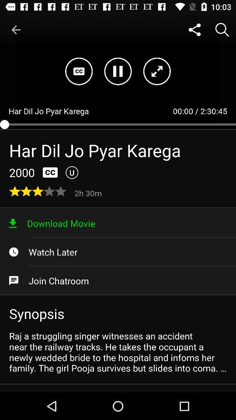  Describe the element at coordinates (89, 192) in the screenshot. I see `item above download movie icon` at that location.